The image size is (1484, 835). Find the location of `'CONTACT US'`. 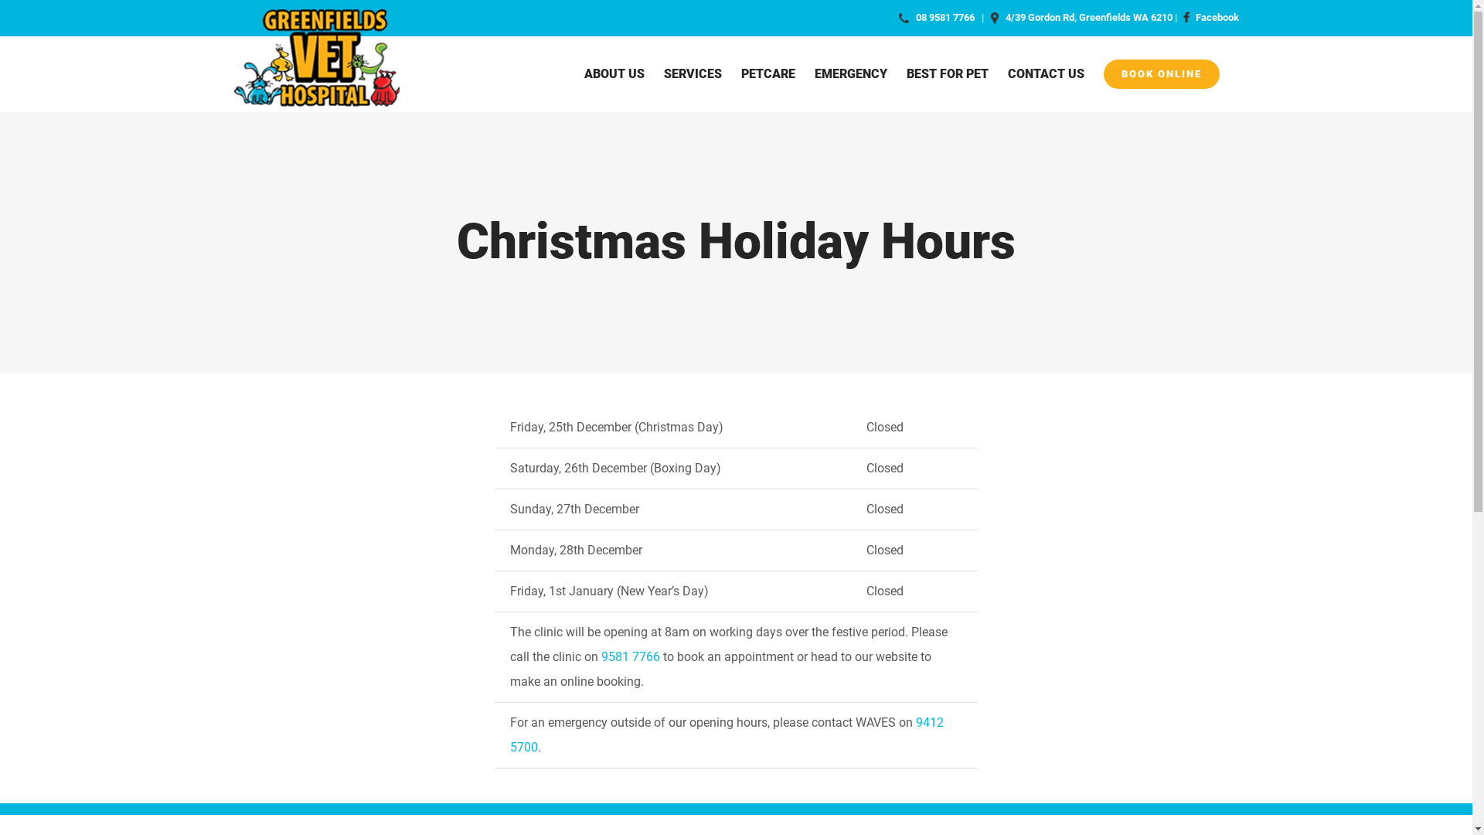

'CONTACT US' is located at coordinates (1046, 73).